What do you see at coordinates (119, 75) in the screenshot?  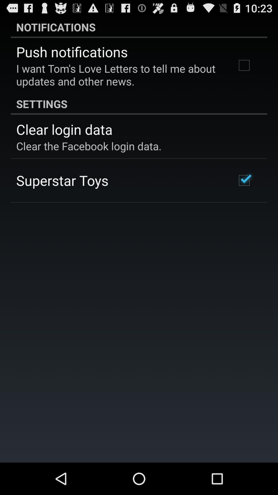 I see `i want tom icon` at bounding box center [119, 75].